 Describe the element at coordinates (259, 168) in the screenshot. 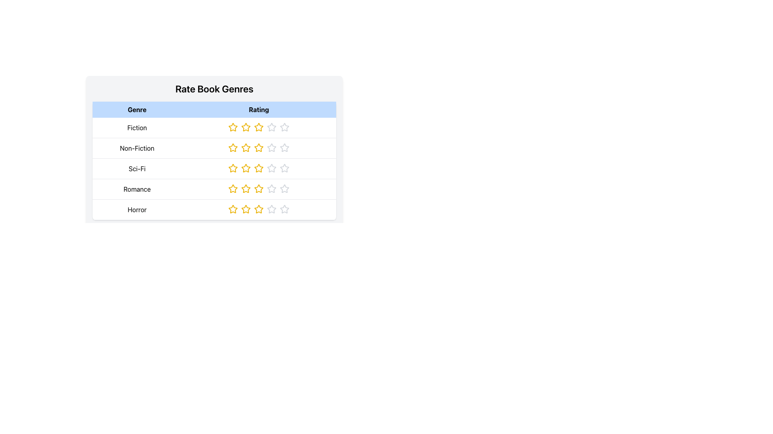

I see `the third star in the 'Sci-Fi' row under the 'Rating' column` at that location.